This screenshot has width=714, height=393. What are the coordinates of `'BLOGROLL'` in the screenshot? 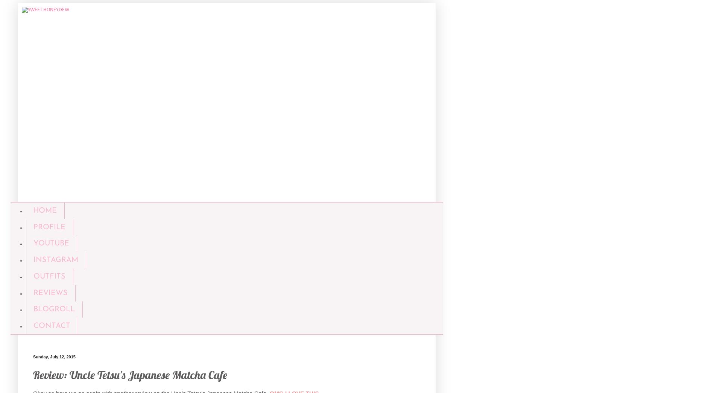 It's located at (53, 309).